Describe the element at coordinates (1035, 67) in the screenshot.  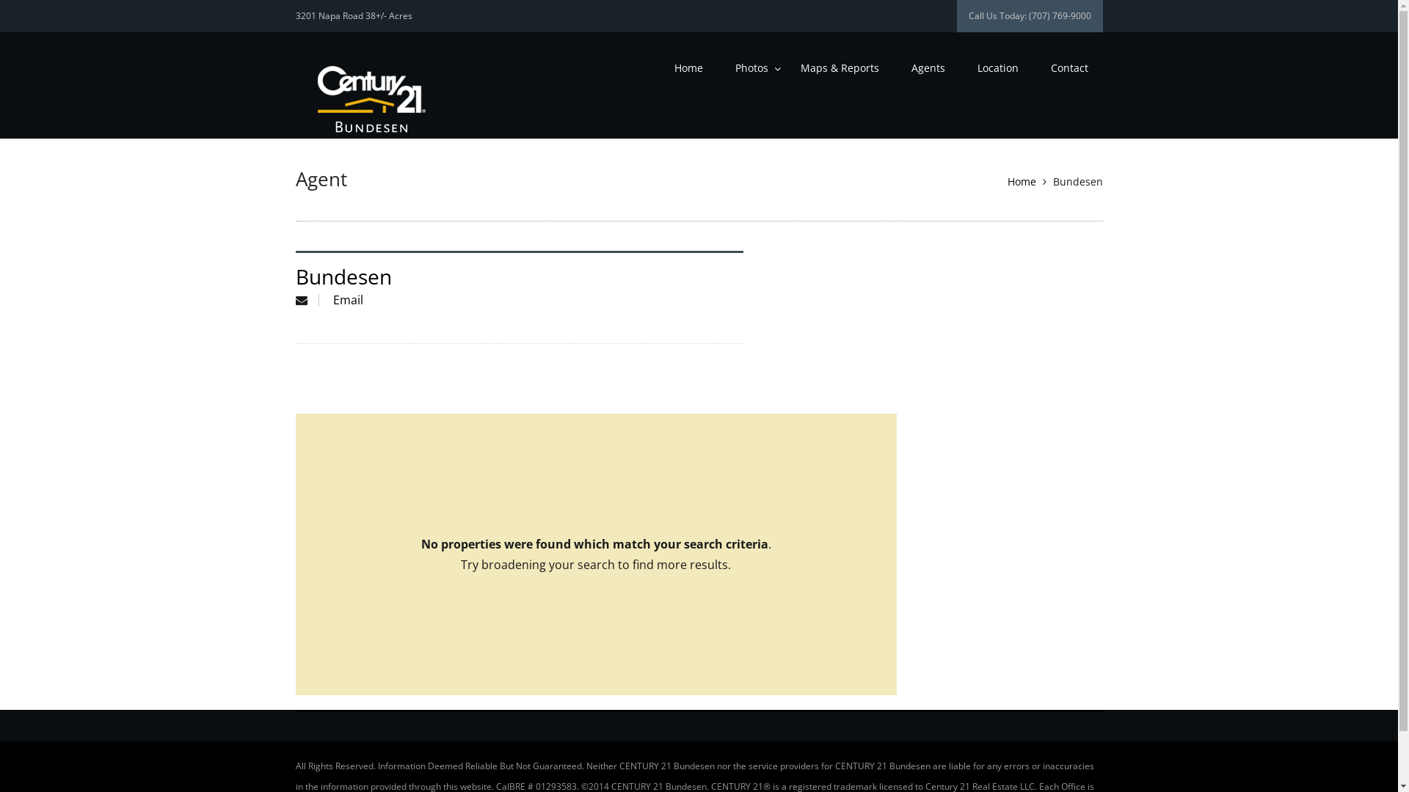
I see `'Contact'` at that location.